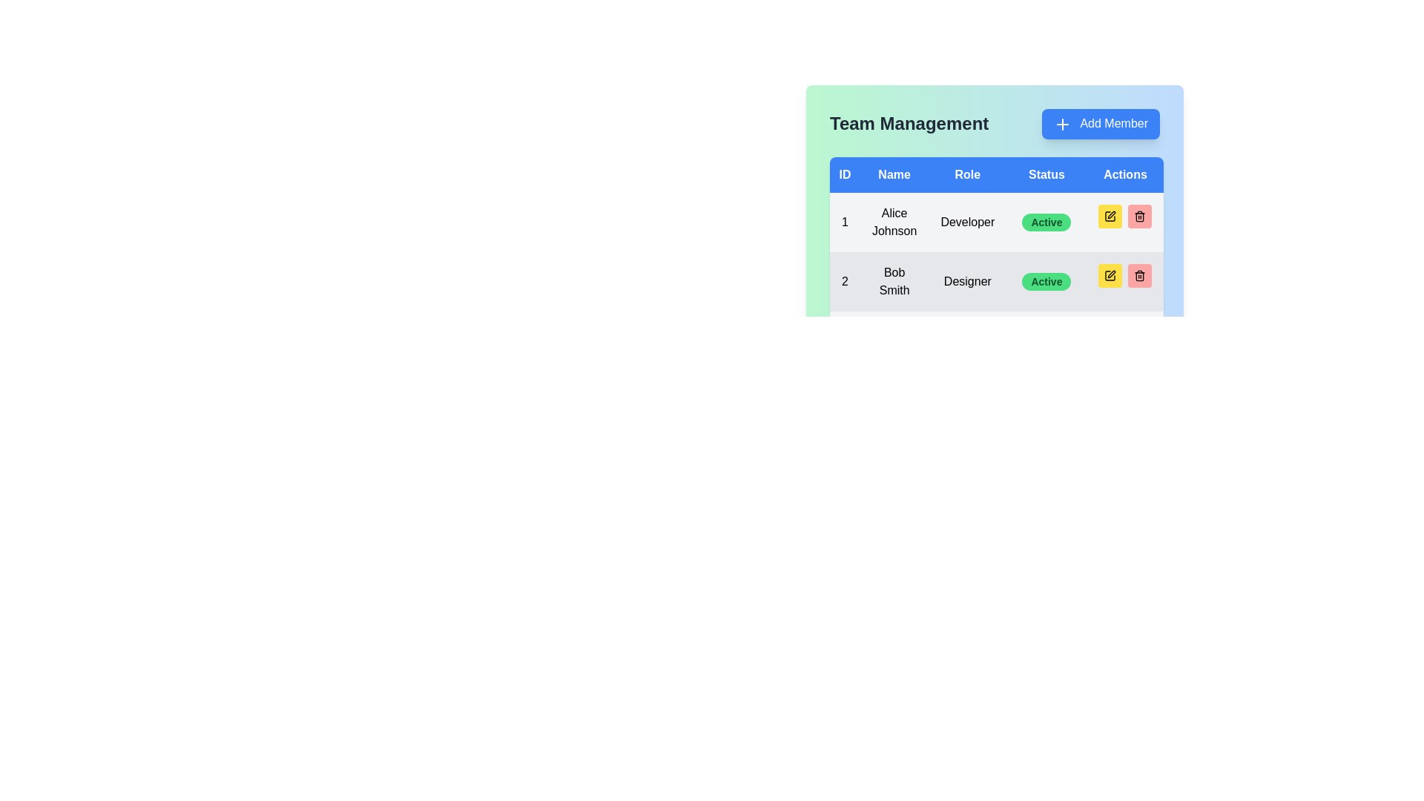 This screenshot has height=801, width=1424. I want to click on the elements contained within the 'Team Management' table, which includes member details and action buttons, so click(995, 239).